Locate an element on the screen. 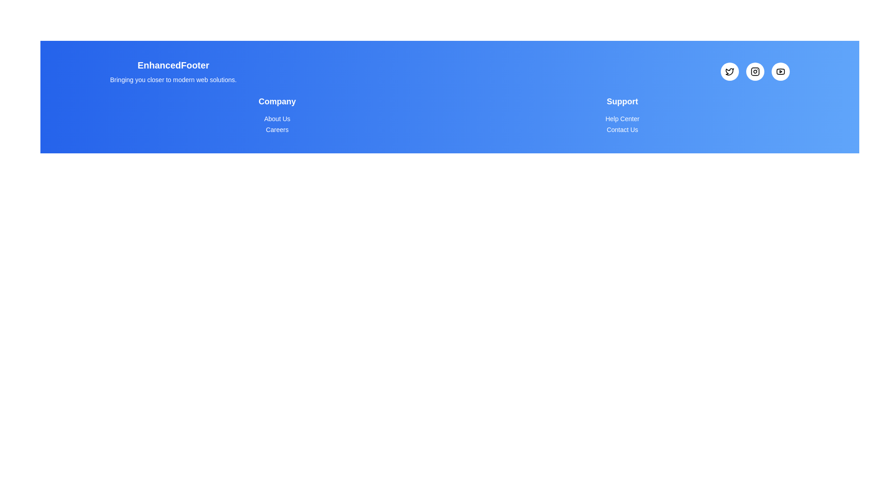 The width and height of the screenshot is (872, 490). the Twitter icon, which is a black vector graphic of a bird located is located at coordinates (729, 71).